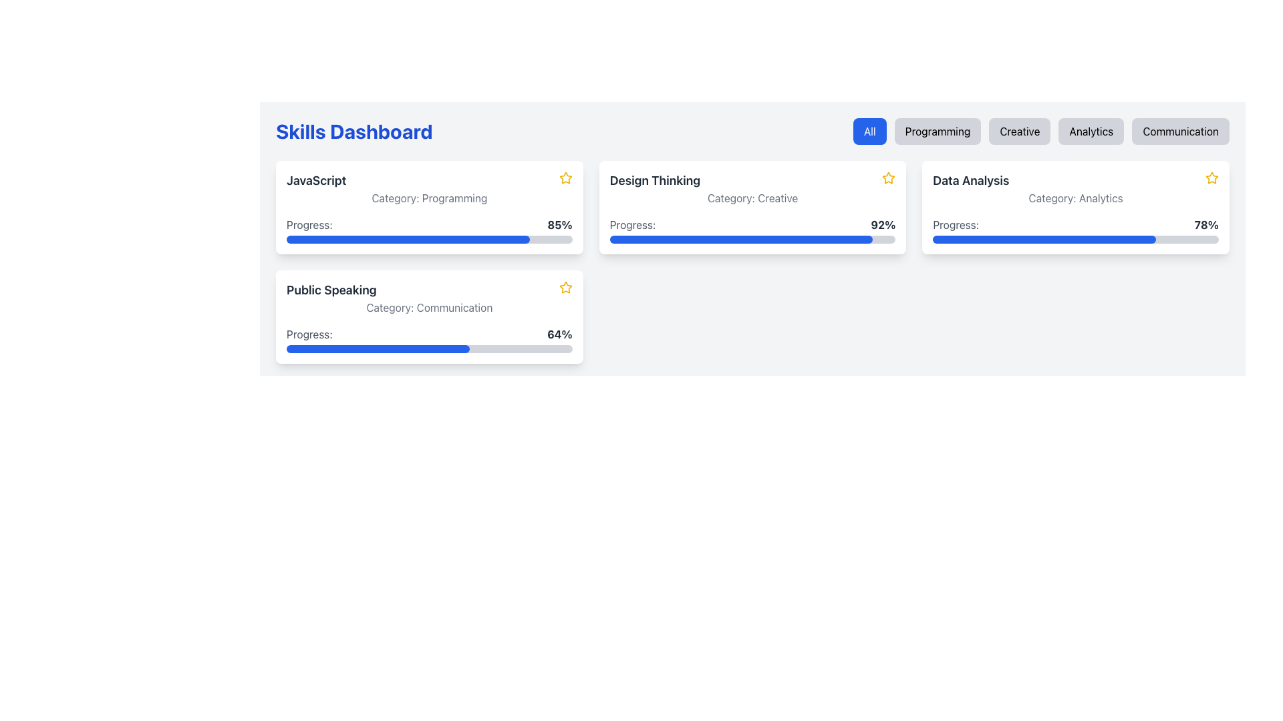  I want to click on the filled portion of the Progress bar located under the 'Progress:' text in the 'JavaScript' skill card, which is styled with a blue background and rounded edges, so click(407, 238).